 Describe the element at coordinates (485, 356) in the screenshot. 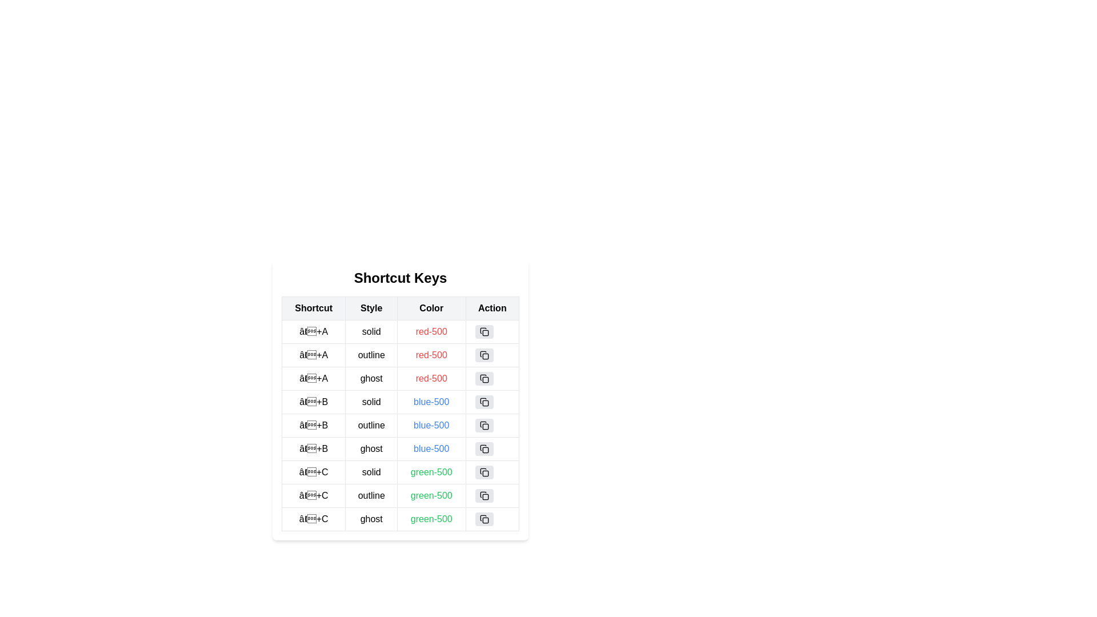

I see `the small rounded rectangle part of the copy icon located in the 'Action' column of the 'Shortcut Keys' table` at that location.